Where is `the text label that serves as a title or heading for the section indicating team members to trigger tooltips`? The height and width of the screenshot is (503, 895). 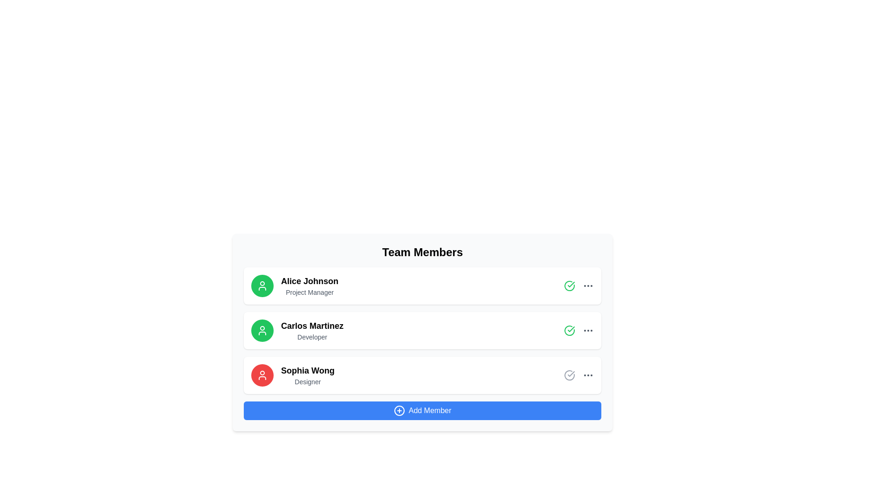
the text label that serves as a title or heading for the section indicating team members to trigger tooltips is located at coordinates (422, 252).